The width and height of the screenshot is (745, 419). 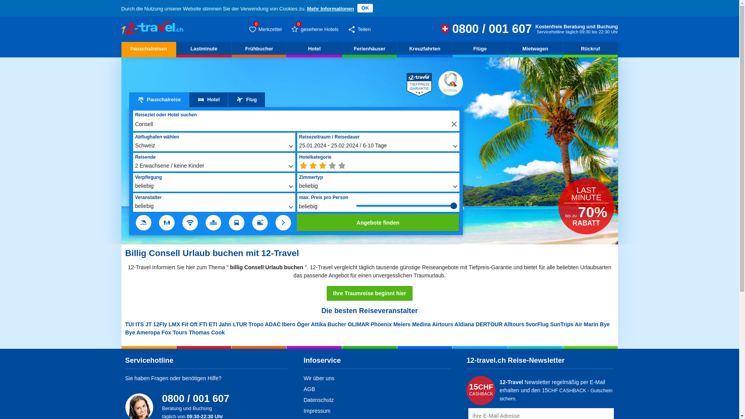 I want to click on 'Mietwagen', so click(x=535, y=49).